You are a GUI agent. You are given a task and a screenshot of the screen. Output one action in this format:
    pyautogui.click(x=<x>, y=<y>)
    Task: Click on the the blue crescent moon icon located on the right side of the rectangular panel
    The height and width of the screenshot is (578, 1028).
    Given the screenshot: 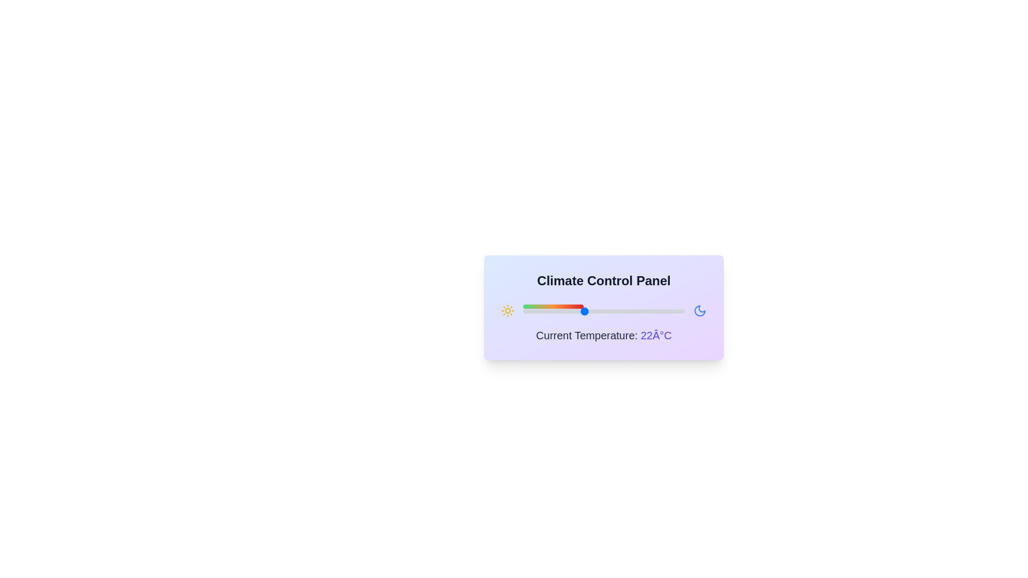 What is the action you would take?
    pyautogui.click(x=700, y=311)
    